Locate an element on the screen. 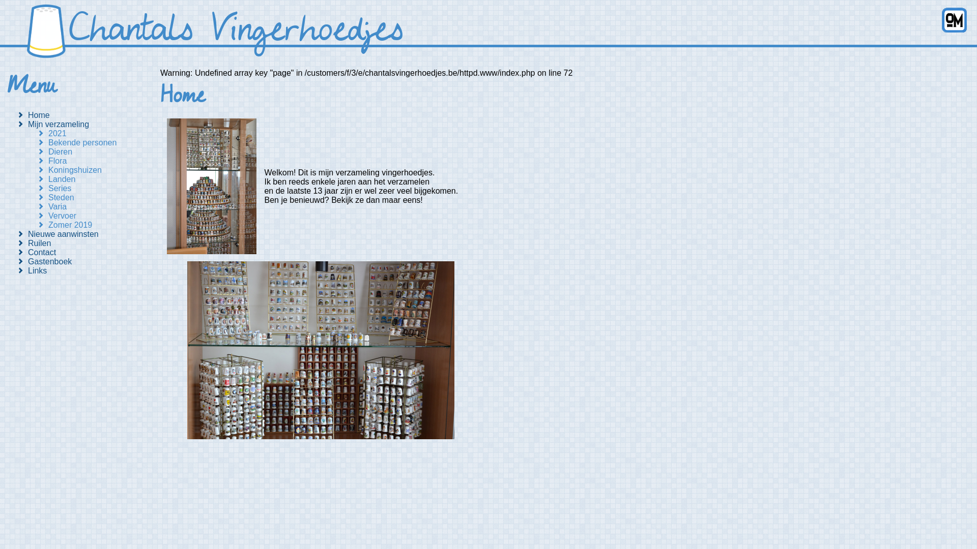  '2021' is located at coordinates (97, 133).